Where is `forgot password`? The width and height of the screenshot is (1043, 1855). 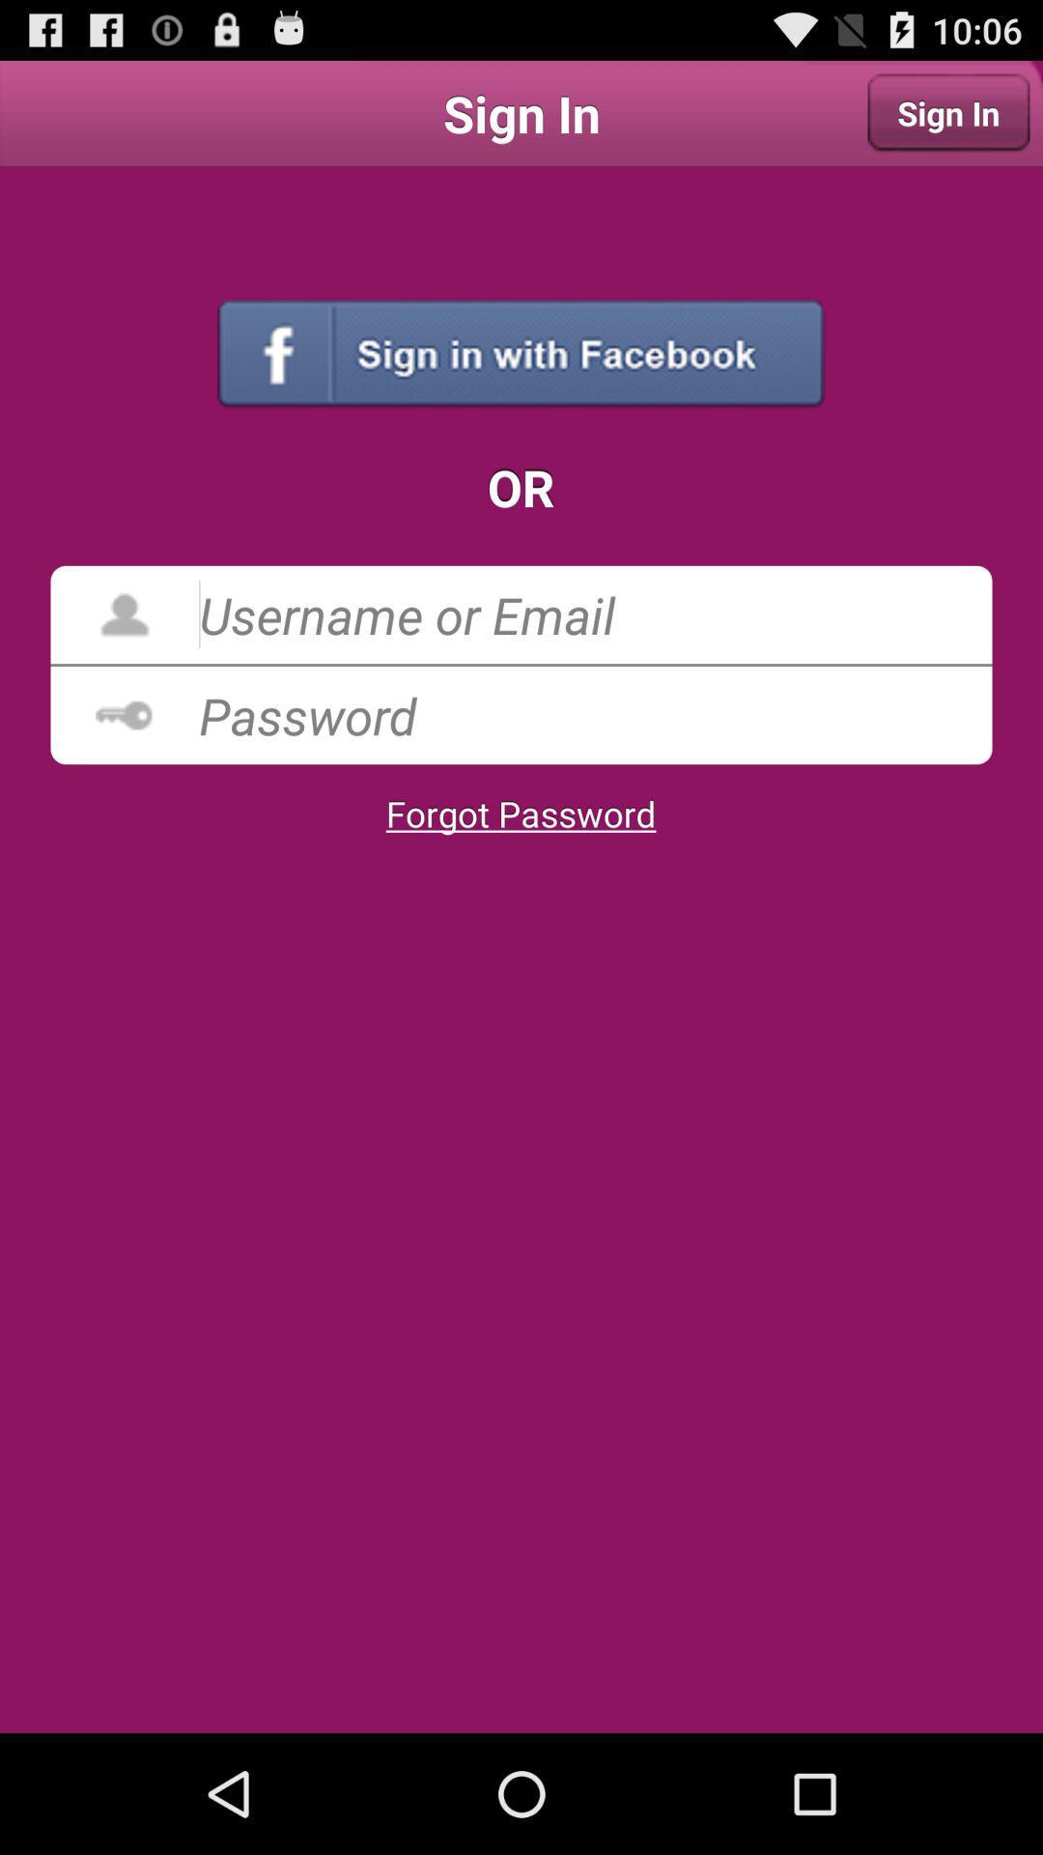
forgot password is located at coordinates (520, 813).